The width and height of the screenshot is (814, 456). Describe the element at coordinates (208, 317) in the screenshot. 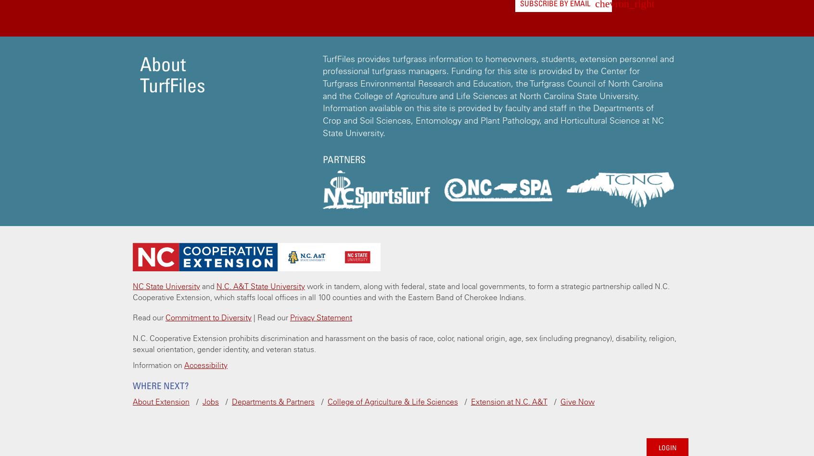

I see `'Commitment to Diversity'` at that location.